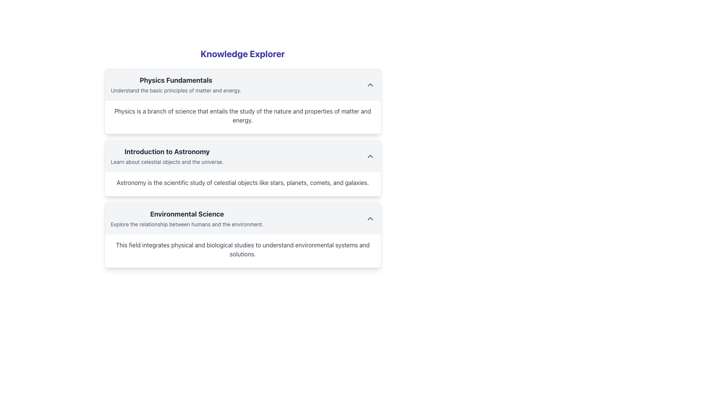 The image size is (722, 406). Describe the element at coordinates (243, 184) in the screenshot. I see `the informative text label located in the expandable section titled 'Introduction to Astronomy' in the second card of the layout` at that location.